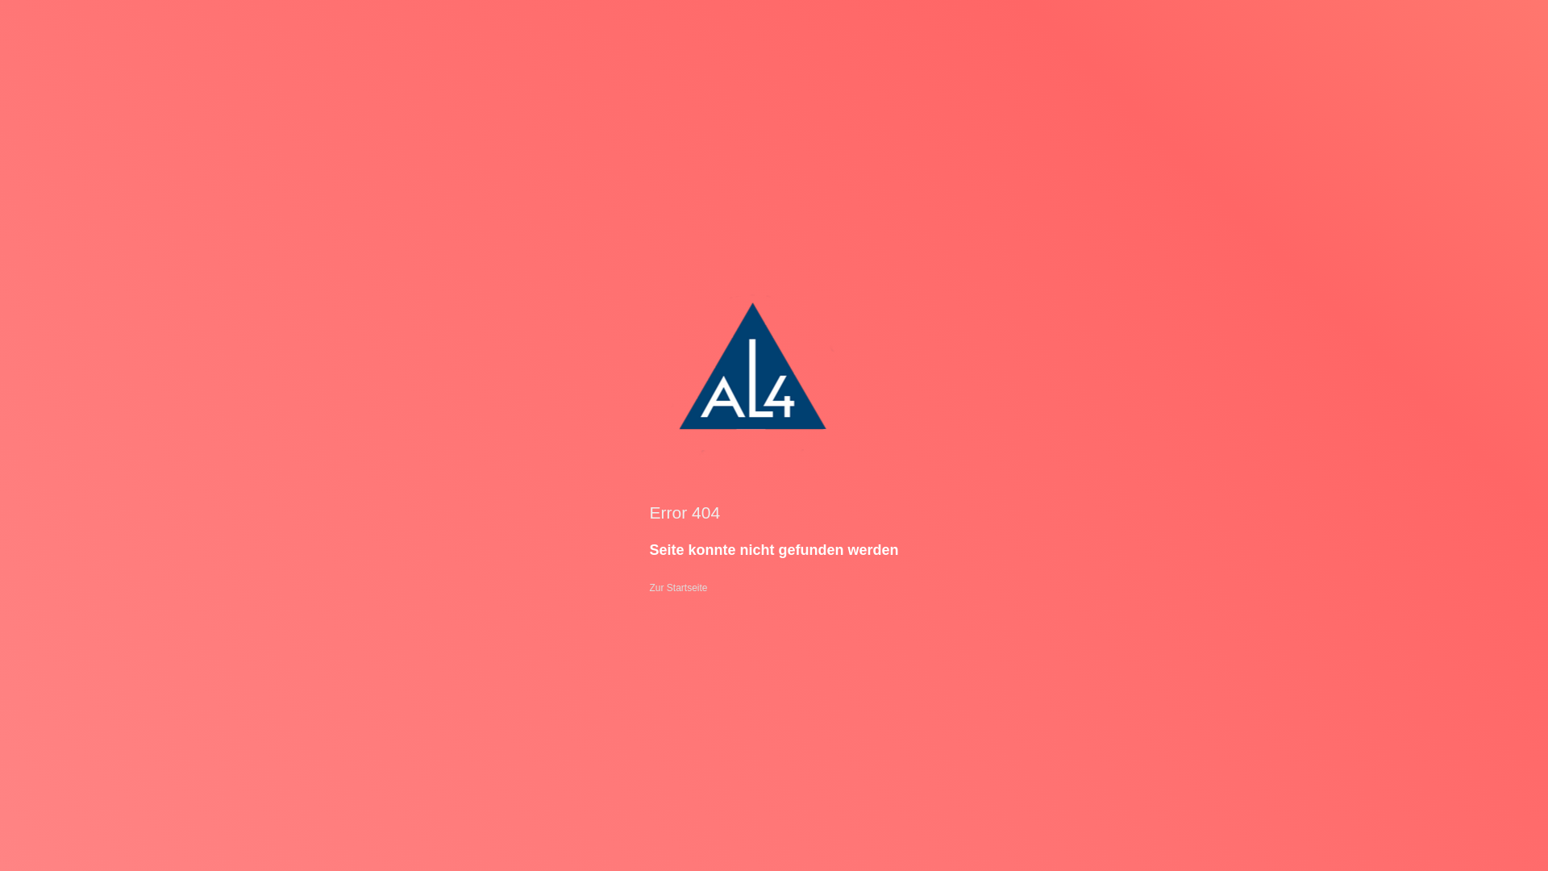 The image size is (1548, 871). I want to click on 'Zur Startseite', so click(649, 588).